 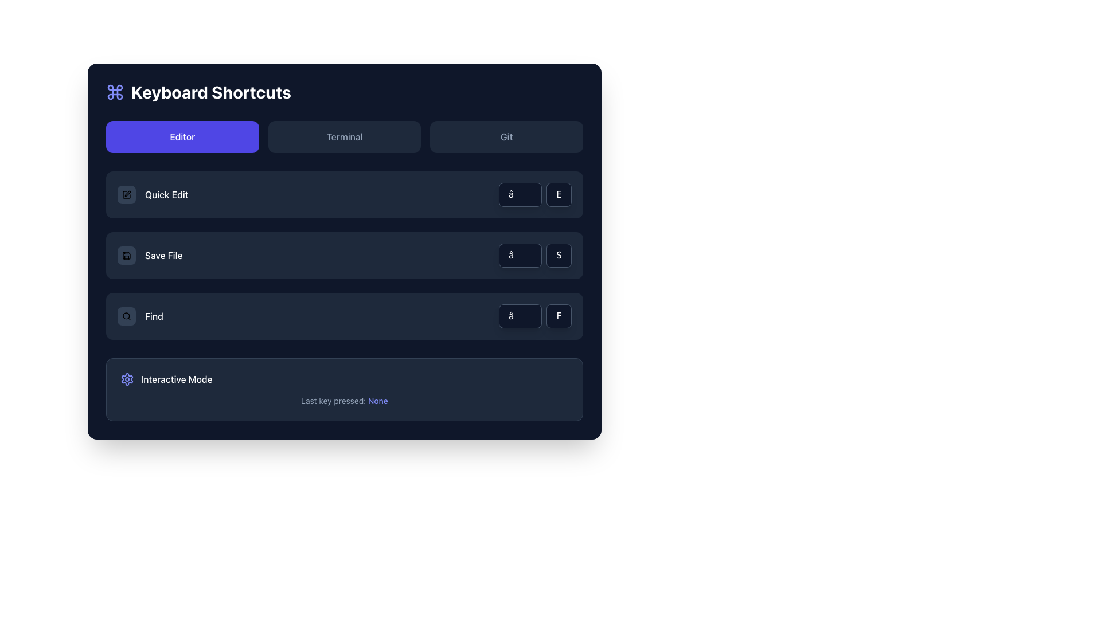 What do you see at coordinates (127, 193) in the screenshot?
I see `the Vector icon (pen icon)` at bounding box center [127, 193].